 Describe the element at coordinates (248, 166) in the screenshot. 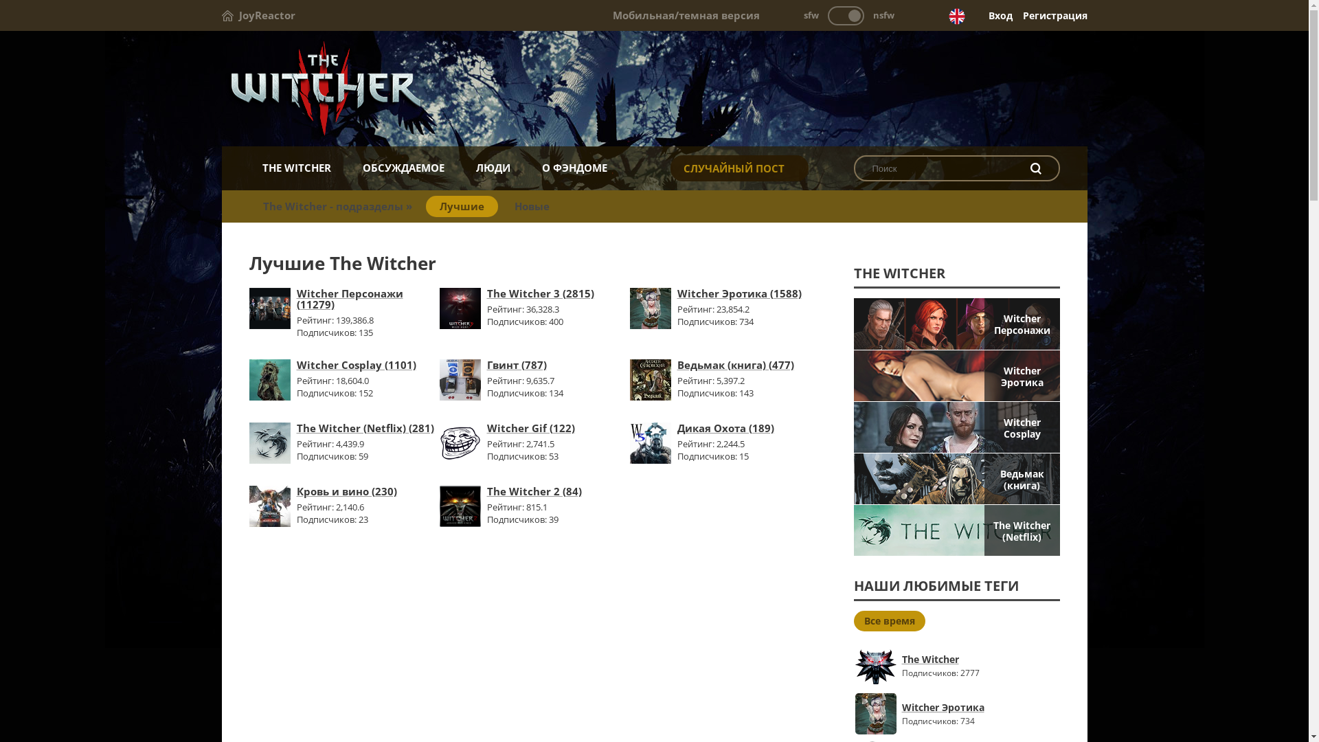

I see `'THE WITCHER'` at that location.